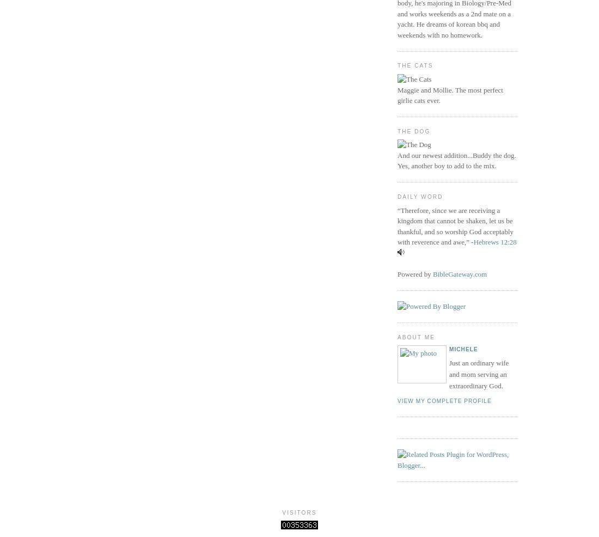 The height and width of the screenshot is (537, 599). Describe the element at coordinates (396, 226) in the screenshot. I see `'“Therefore, since we are receiving a kingdom that cannot be shaken, let us be thankful, and so worship God acceptably with reverence and awe,” -'` at that location.